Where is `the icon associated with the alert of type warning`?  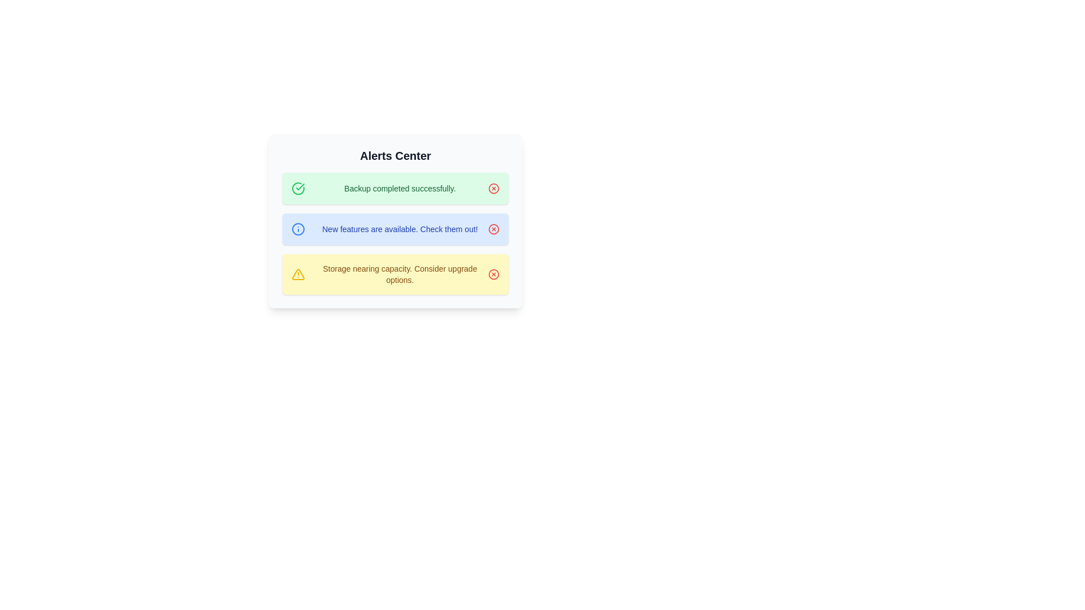 the icon associated with the alert of type warning is located at coordinates (298, 274).